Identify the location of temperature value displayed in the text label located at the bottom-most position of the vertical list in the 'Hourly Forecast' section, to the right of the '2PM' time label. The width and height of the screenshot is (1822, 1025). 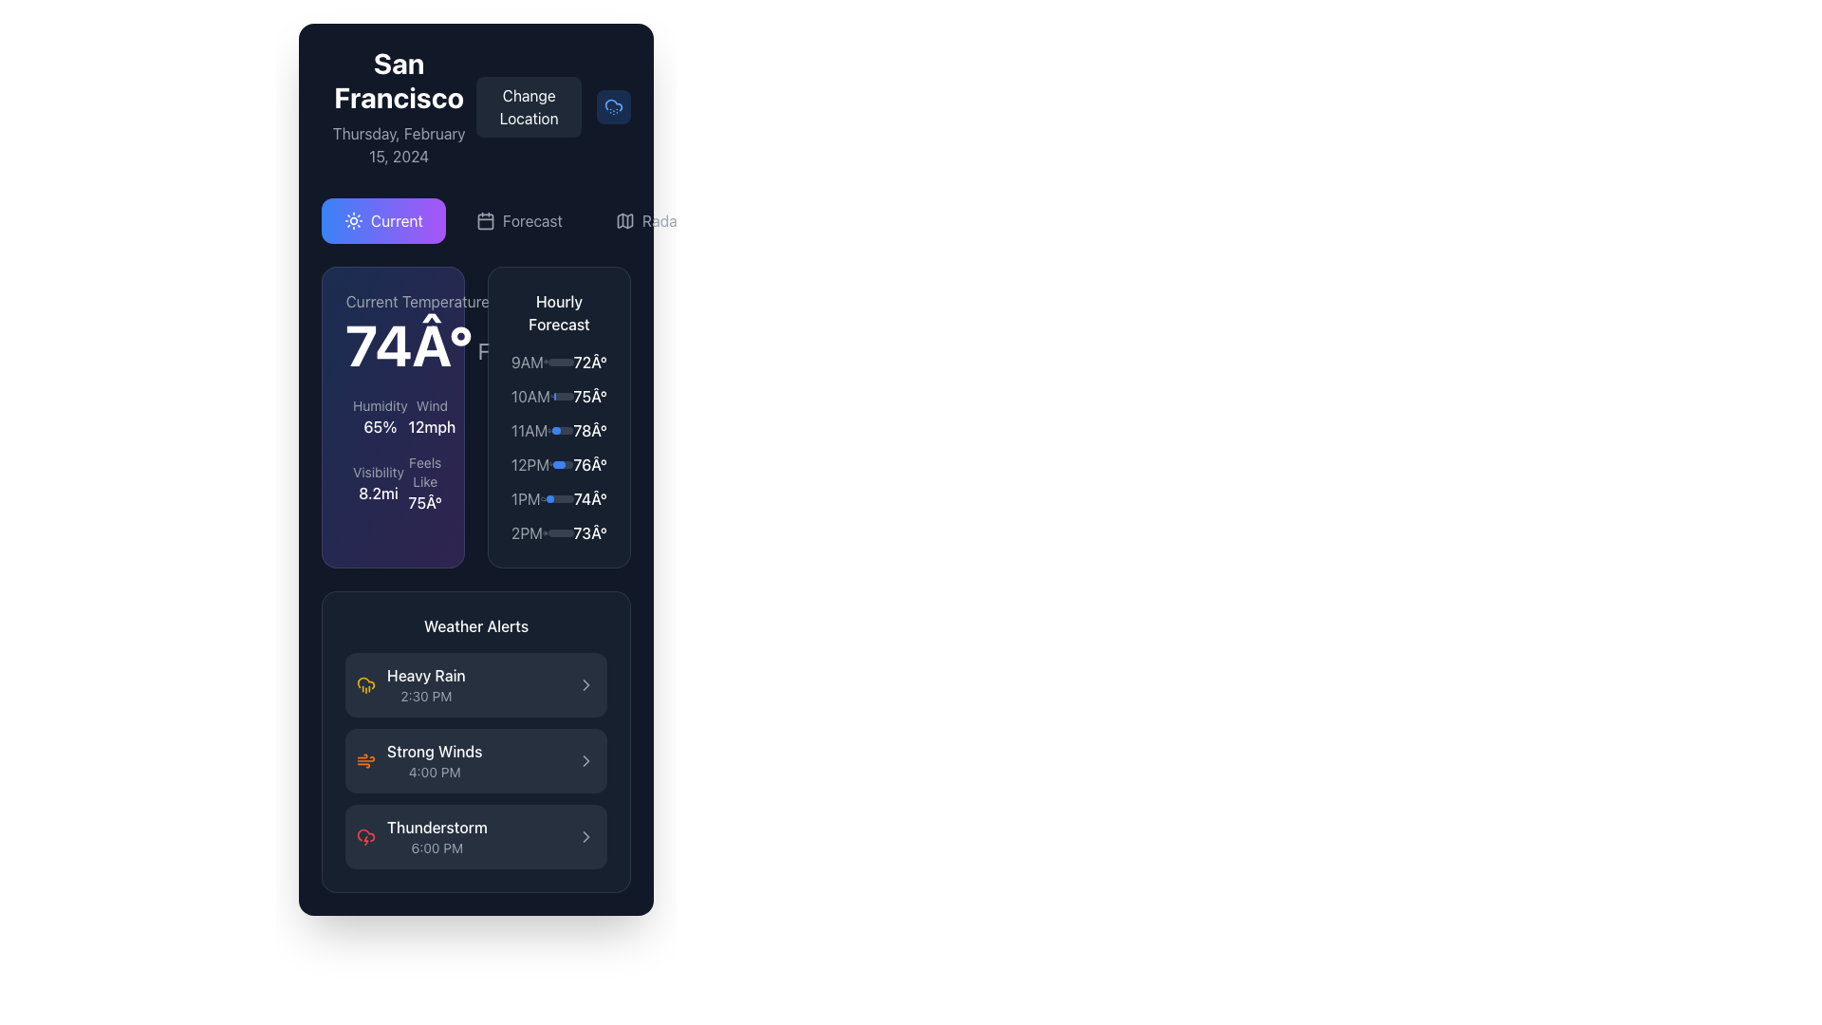
(589, 533).